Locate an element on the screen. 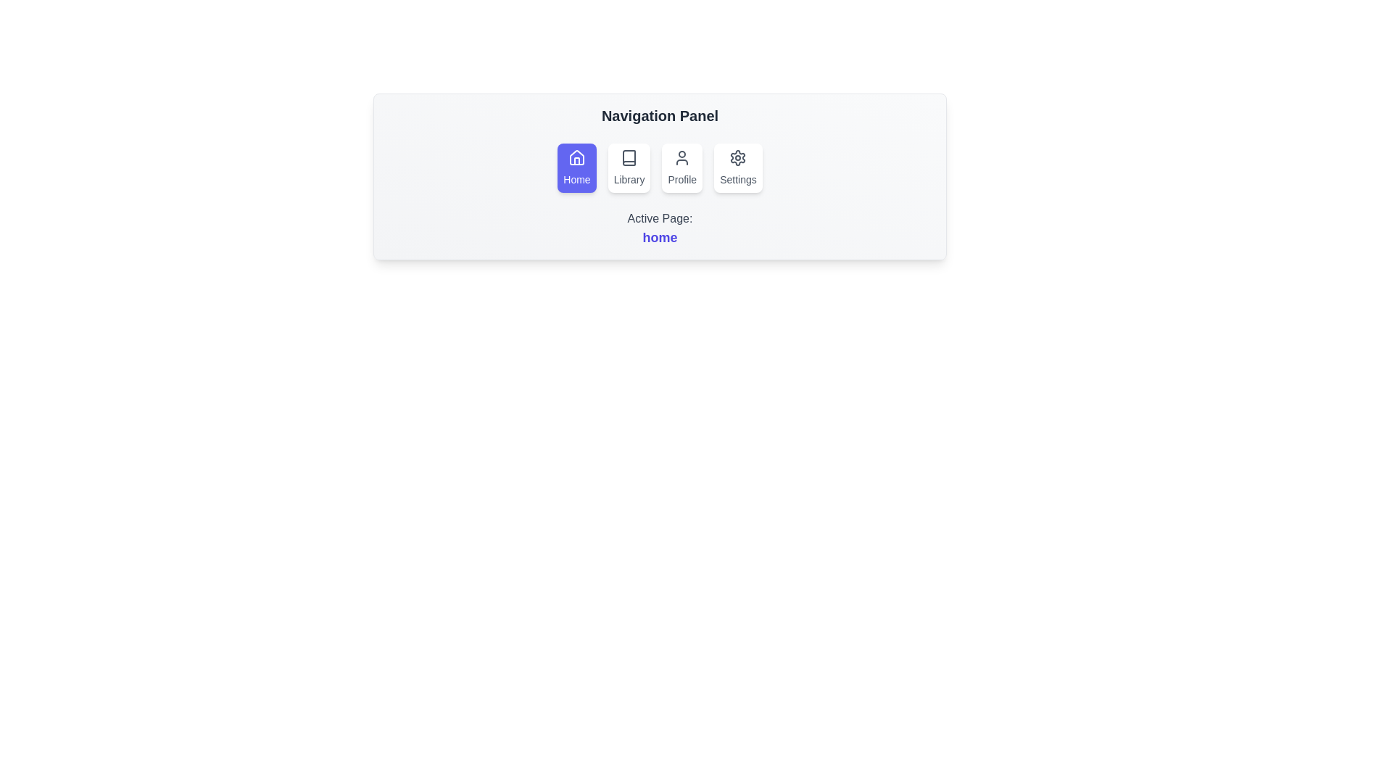 The image size is (1392, 783). the 'Settings' button, which is the fourth item in the navigation bar is located at coordinates (738, 167).